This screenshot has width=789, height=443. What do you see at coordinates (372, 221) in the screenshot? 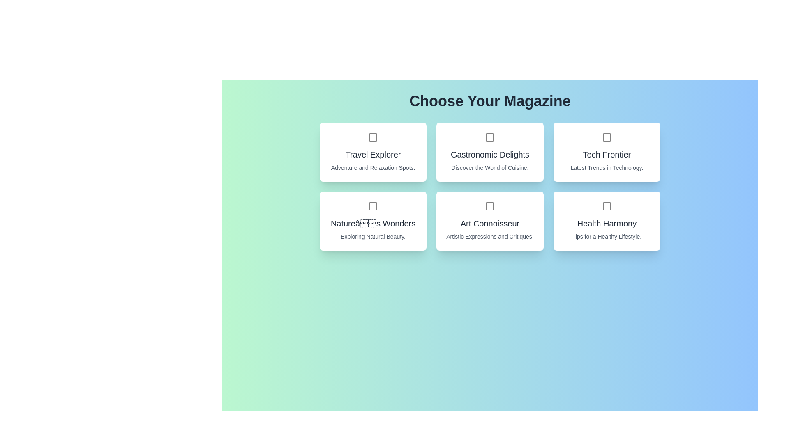
I see `the magazine card for Nature's Wonders` at bounding box center [372, 221].